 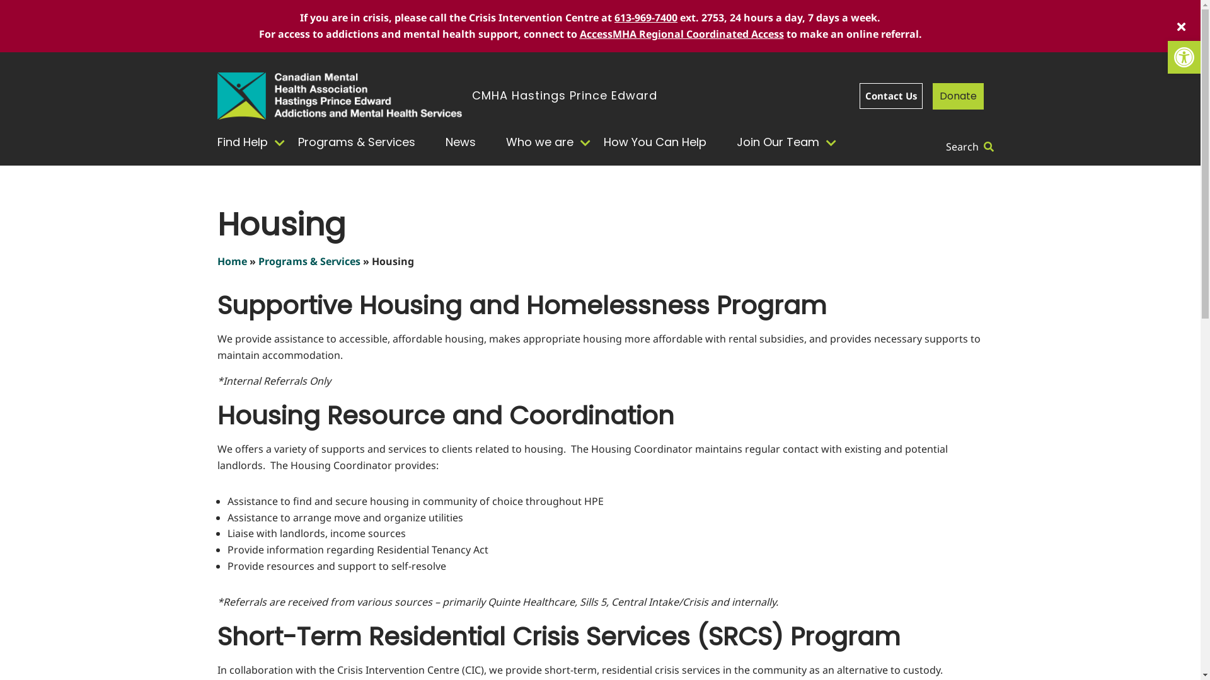 I want to click on 'Who we are', so click(x=544, y=142).